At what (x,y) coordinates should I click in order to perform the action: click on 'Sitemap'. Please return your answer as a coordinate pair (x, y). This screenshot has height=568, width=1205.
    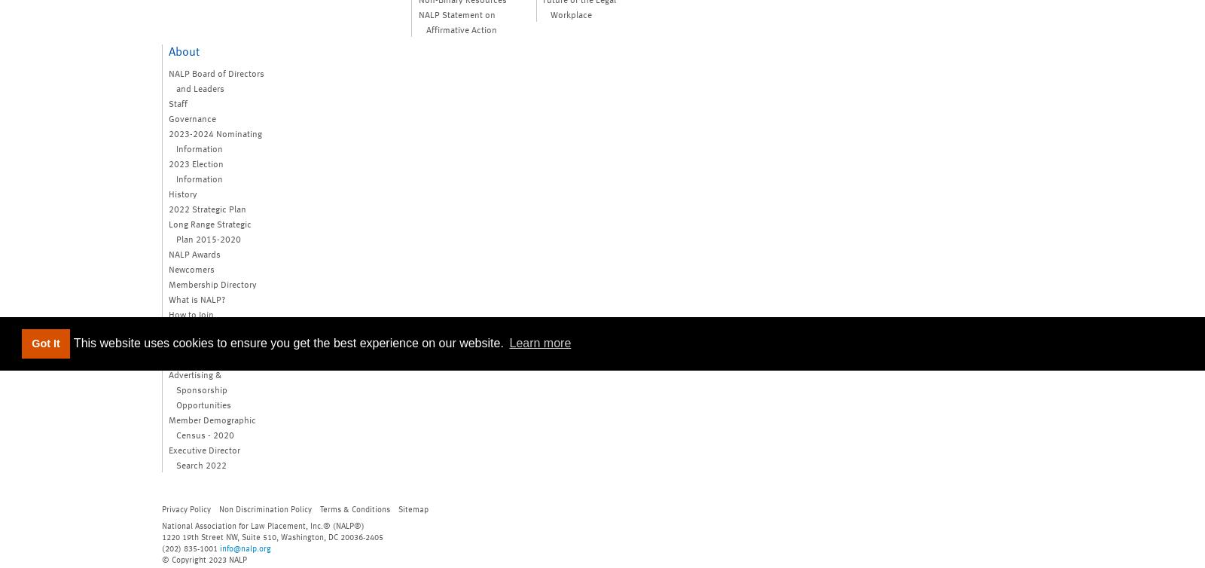
    Looking at the image, I should click on (412, 507).